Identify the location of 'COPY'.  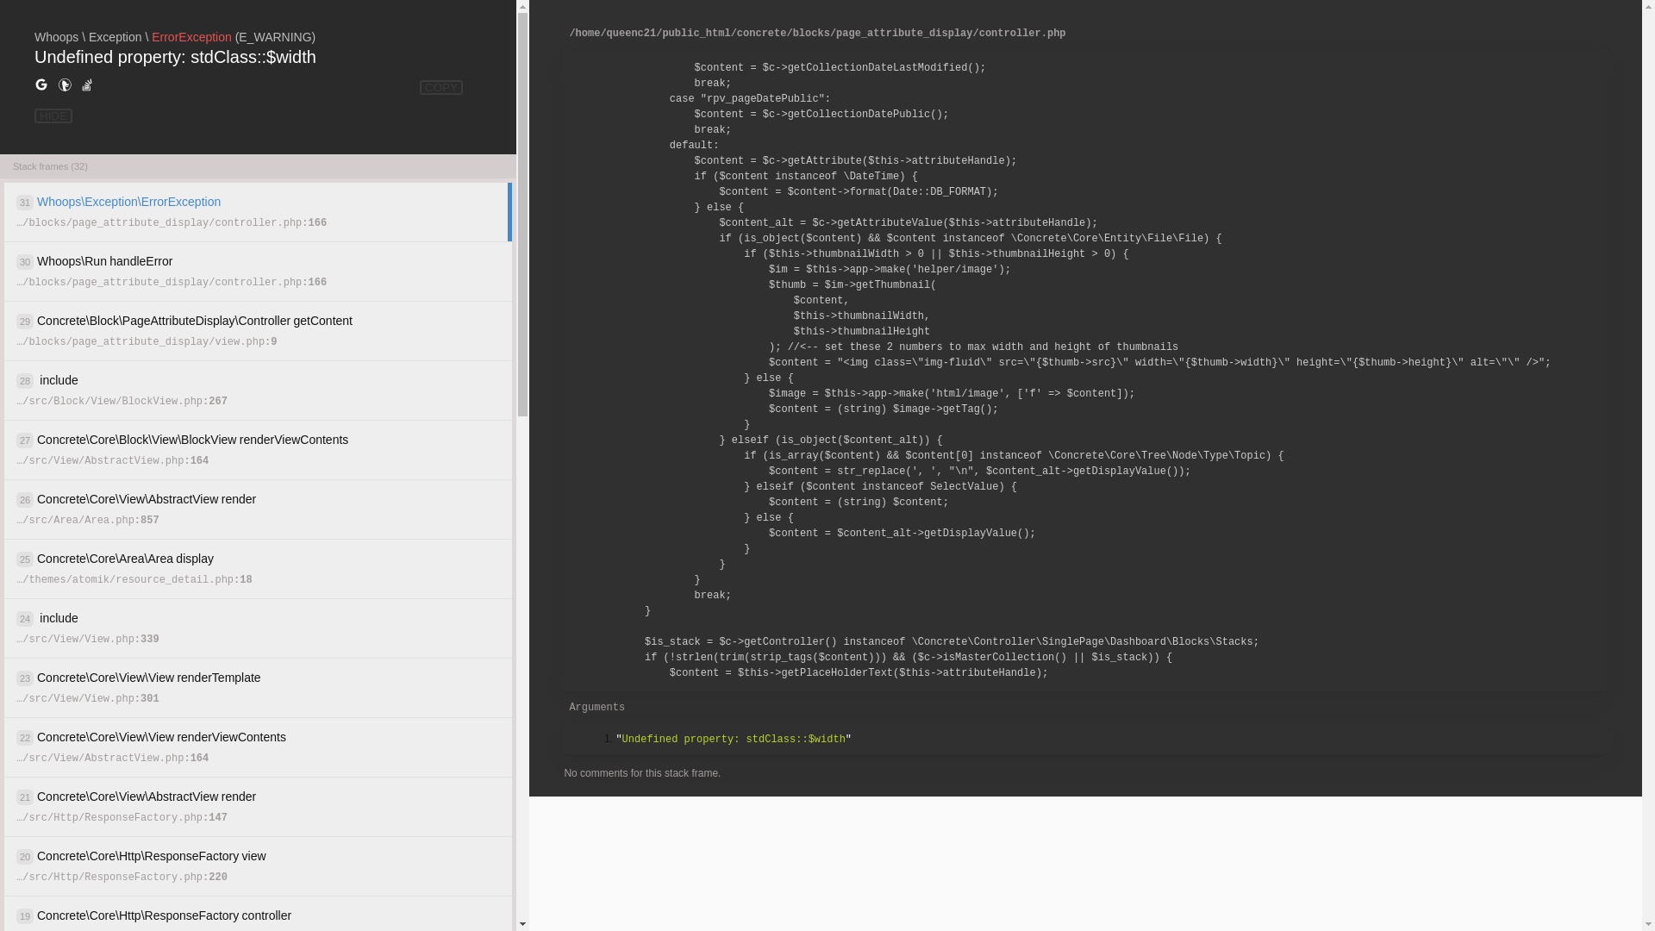
(441, 87).